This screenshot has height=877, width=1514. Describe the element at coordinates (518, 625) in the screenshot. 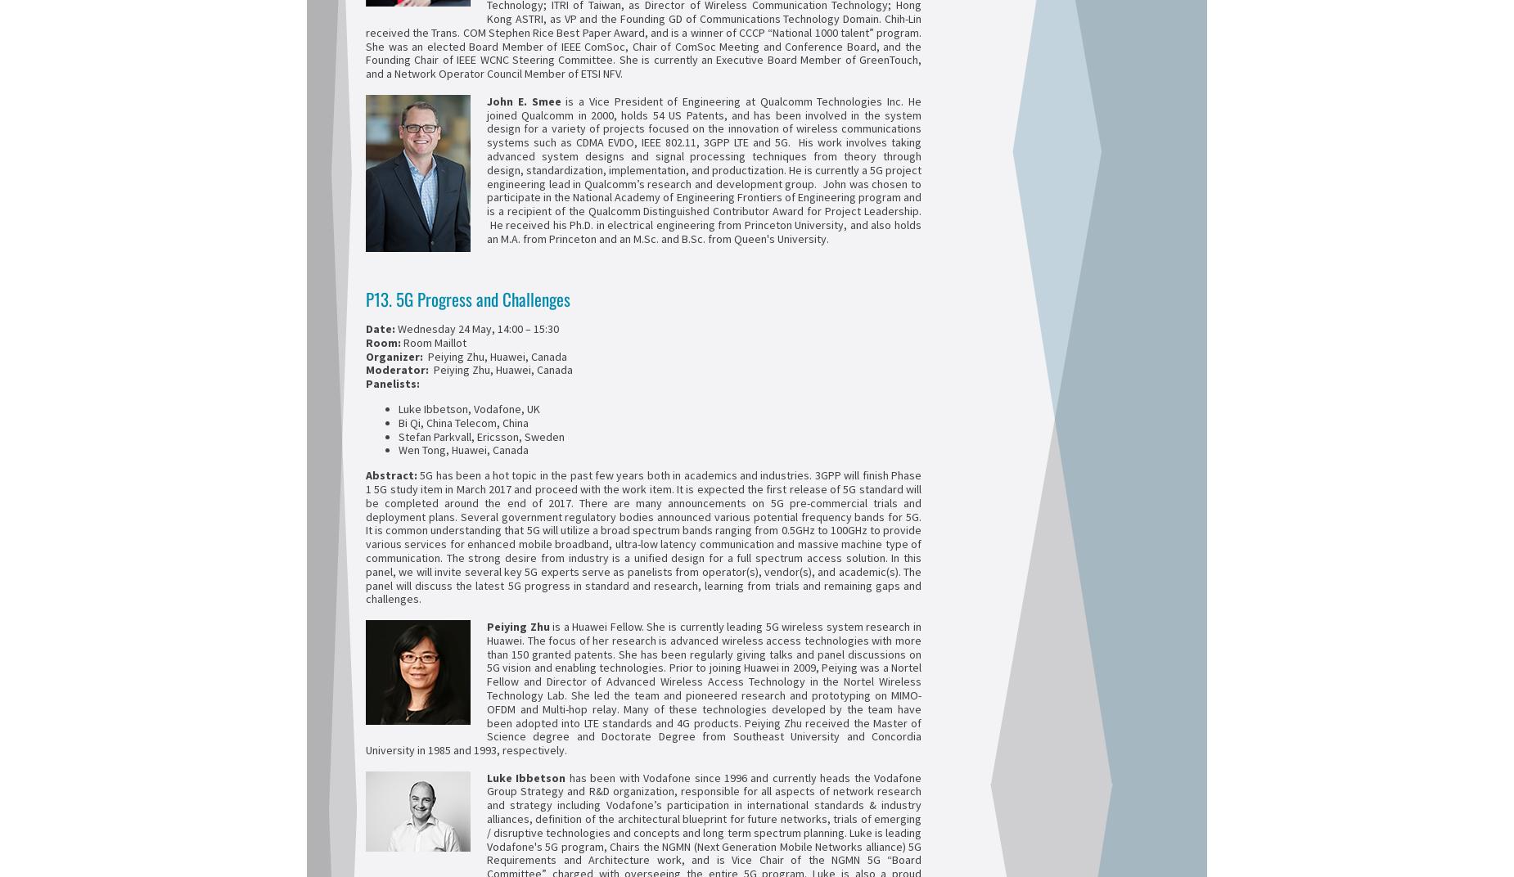

I see `'Peiying Zhu'` at that location.